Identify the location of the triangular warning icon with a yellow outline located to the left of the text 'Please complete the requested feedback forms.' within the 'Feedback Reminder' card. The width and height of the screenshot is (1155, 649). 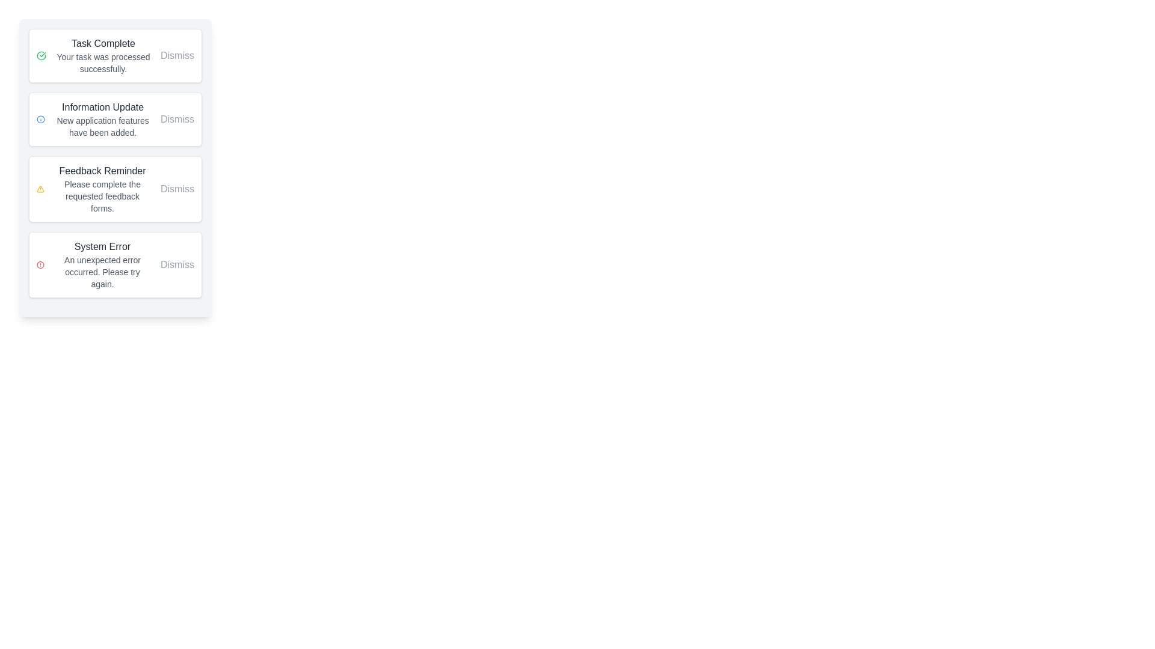
(40, 189).